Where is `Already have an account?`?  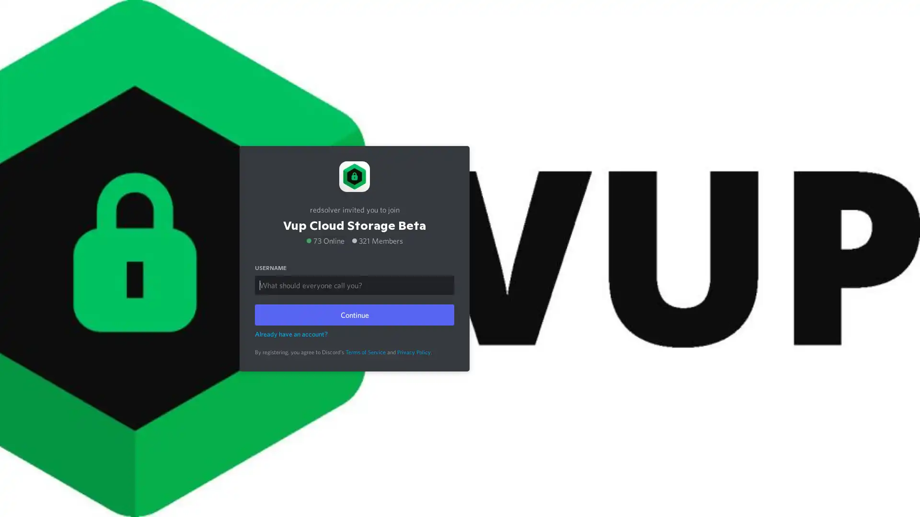 Already have an account? is located at coordinates (291, 333).